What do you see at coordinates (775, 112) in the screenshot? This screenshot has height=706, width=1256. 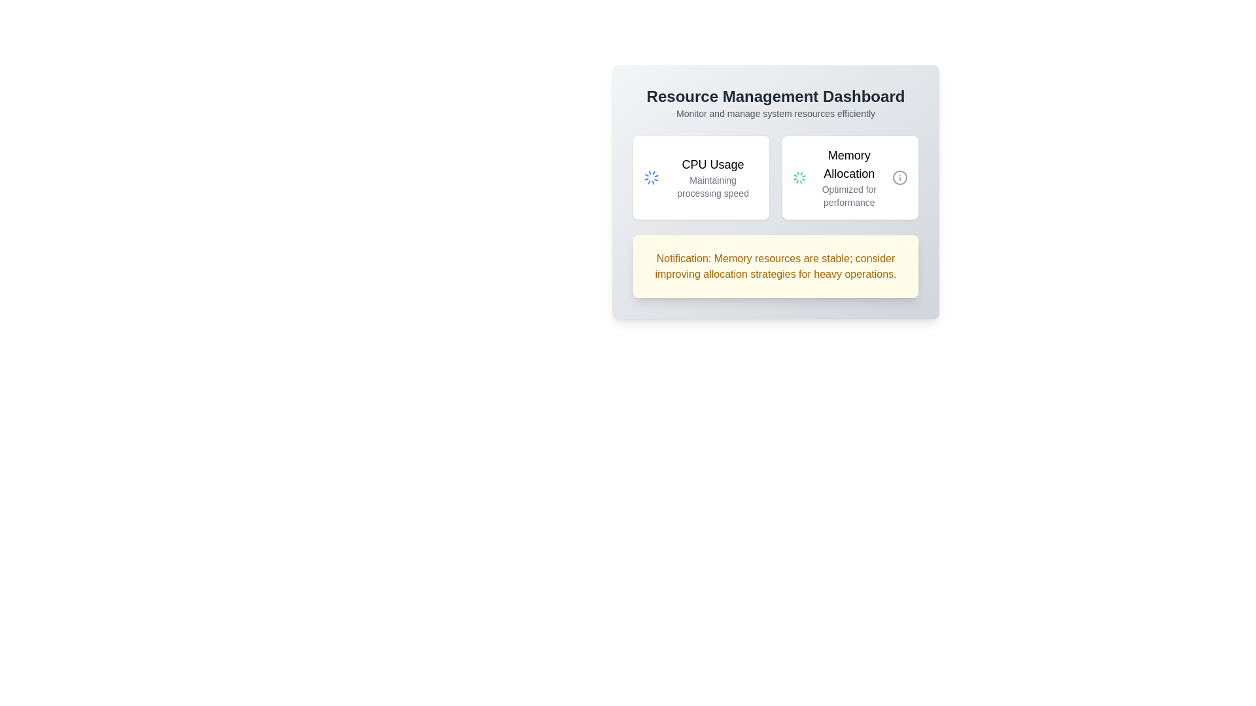 I see `the text label displaying 'Monitor and manage system resources efficiently', which is positioned below the title 'Resource Management Dashboard'` at bounding box center [775, 112].